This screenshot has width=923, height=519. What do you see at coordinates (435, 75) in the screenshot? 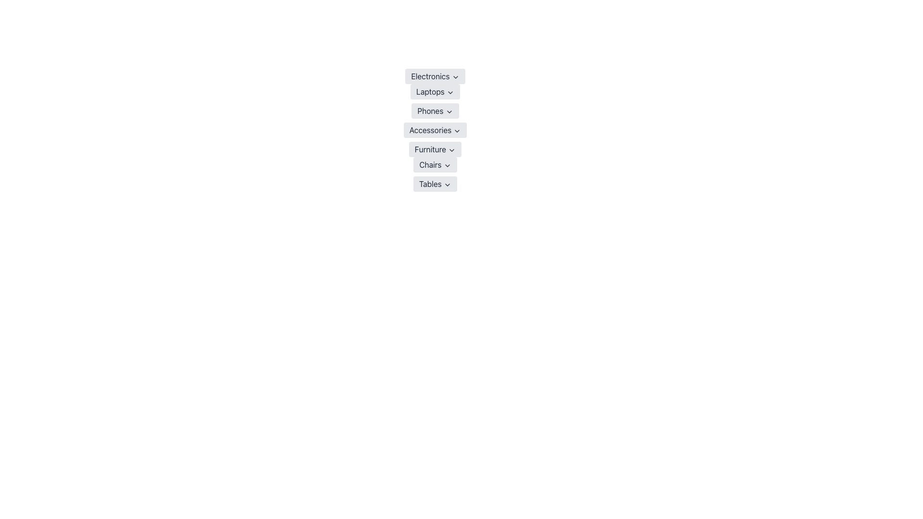
I see `the 'Electronics' dropdown button at the top of the vertical list` at bounding box center [435, 75].